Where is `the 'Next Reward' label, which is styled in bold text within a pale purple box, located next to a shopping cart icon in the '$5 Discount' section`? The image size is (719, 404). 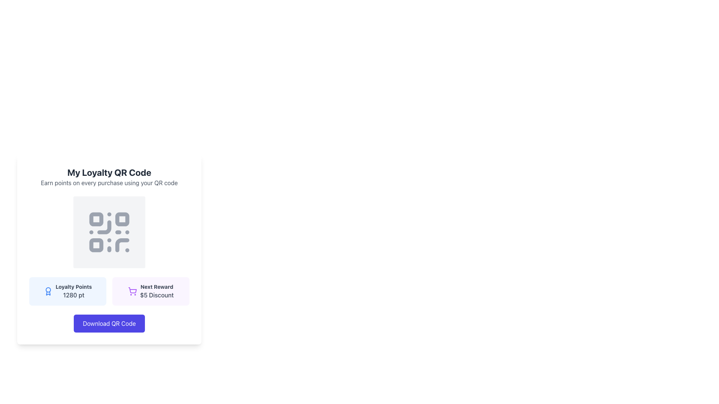 the 'Next Reward' label, which is styled in bold text within a pale purple box, located next to a shopping cart icon in the '$5 Discount' section is located at coordinates (156, 287).